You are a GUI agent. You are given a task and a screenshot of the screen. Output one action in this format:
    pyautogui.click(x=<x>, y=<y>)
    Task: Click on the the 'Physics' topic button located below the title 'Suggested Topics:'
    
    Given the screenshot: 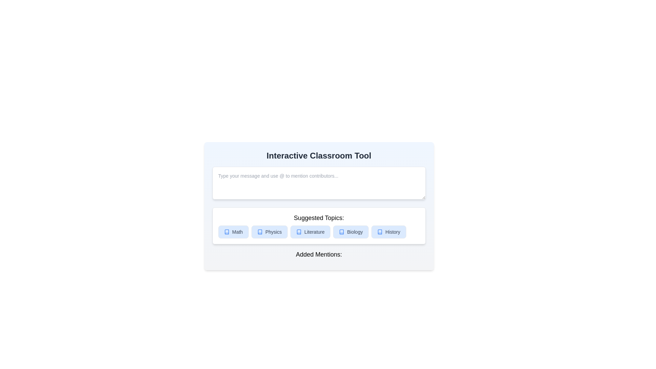 What is the action you would take?
    pyautogui.click(x=269, y=231)
    